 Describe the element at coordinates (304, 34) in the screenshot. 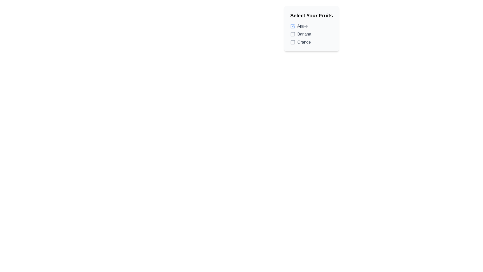

I see `the label displaying 'Banana' to focus on it, which is the second item in a vertical list beside an unchecked checkbox` at that location.